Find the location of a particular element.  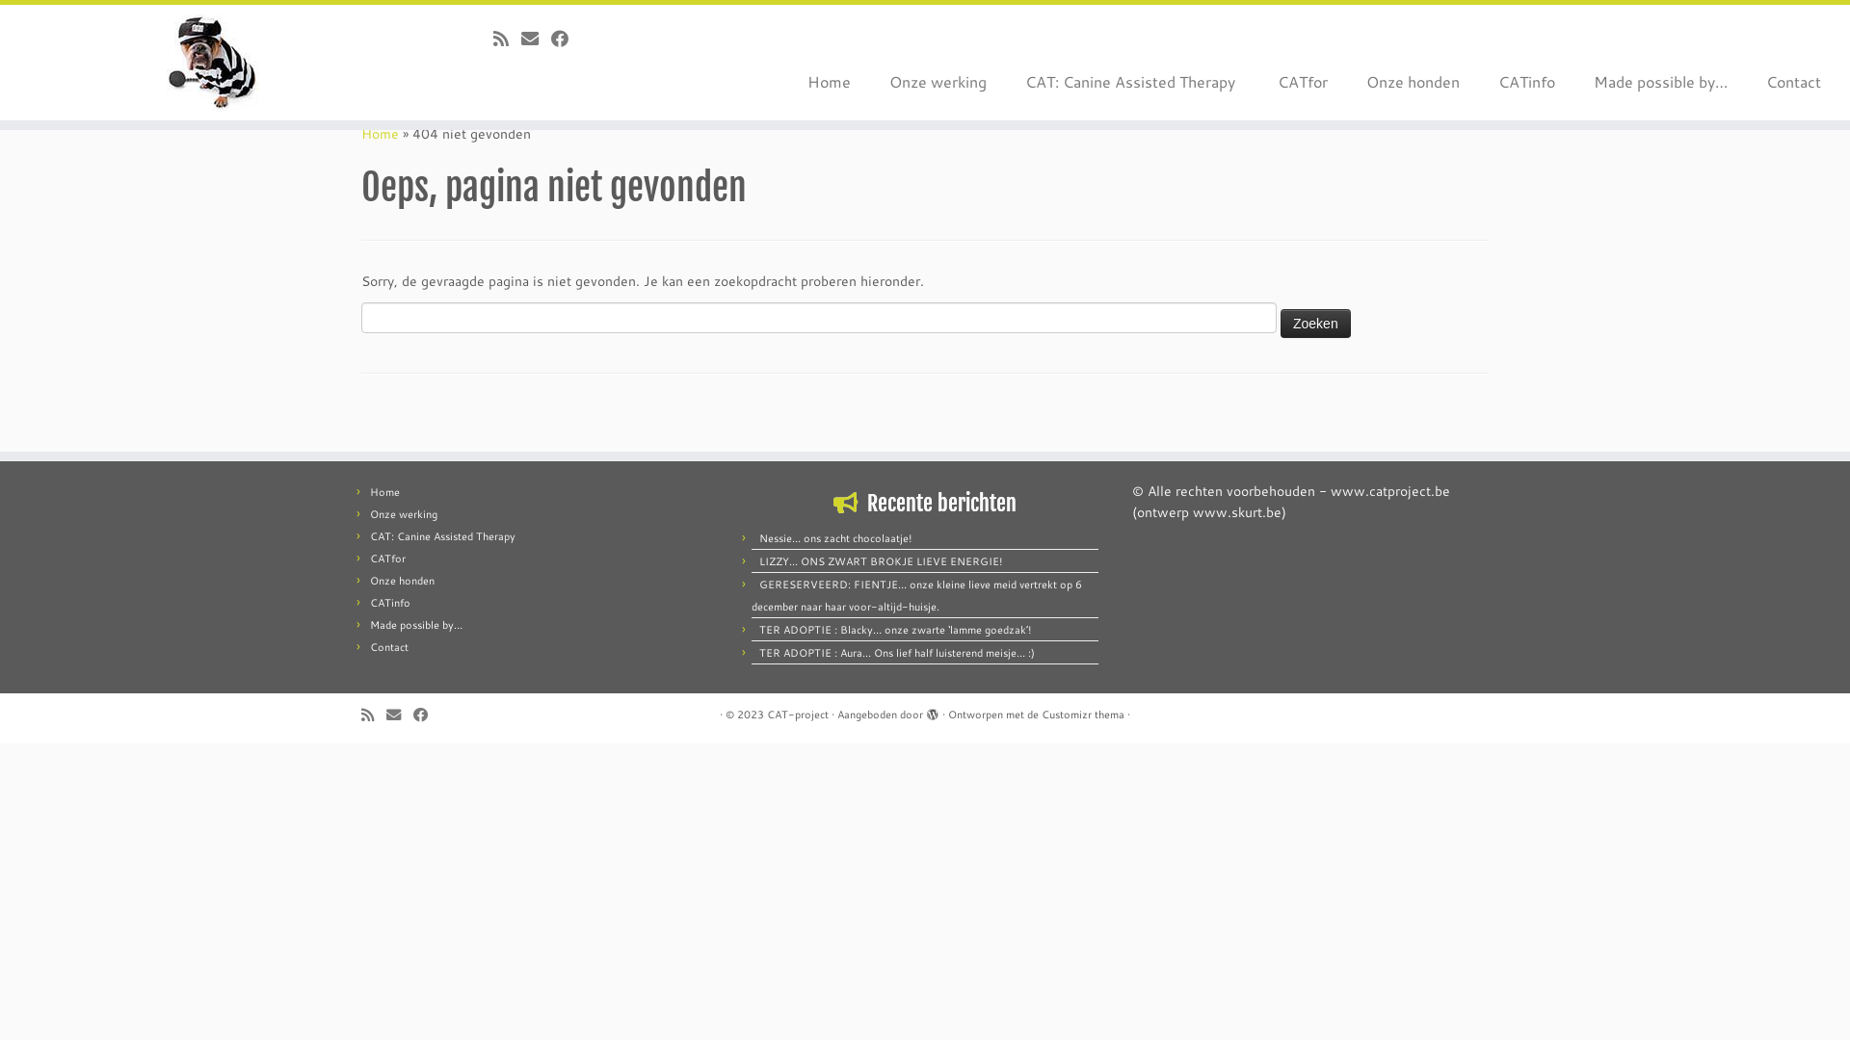

'CAT-project' is located at coordinates (798, 715).